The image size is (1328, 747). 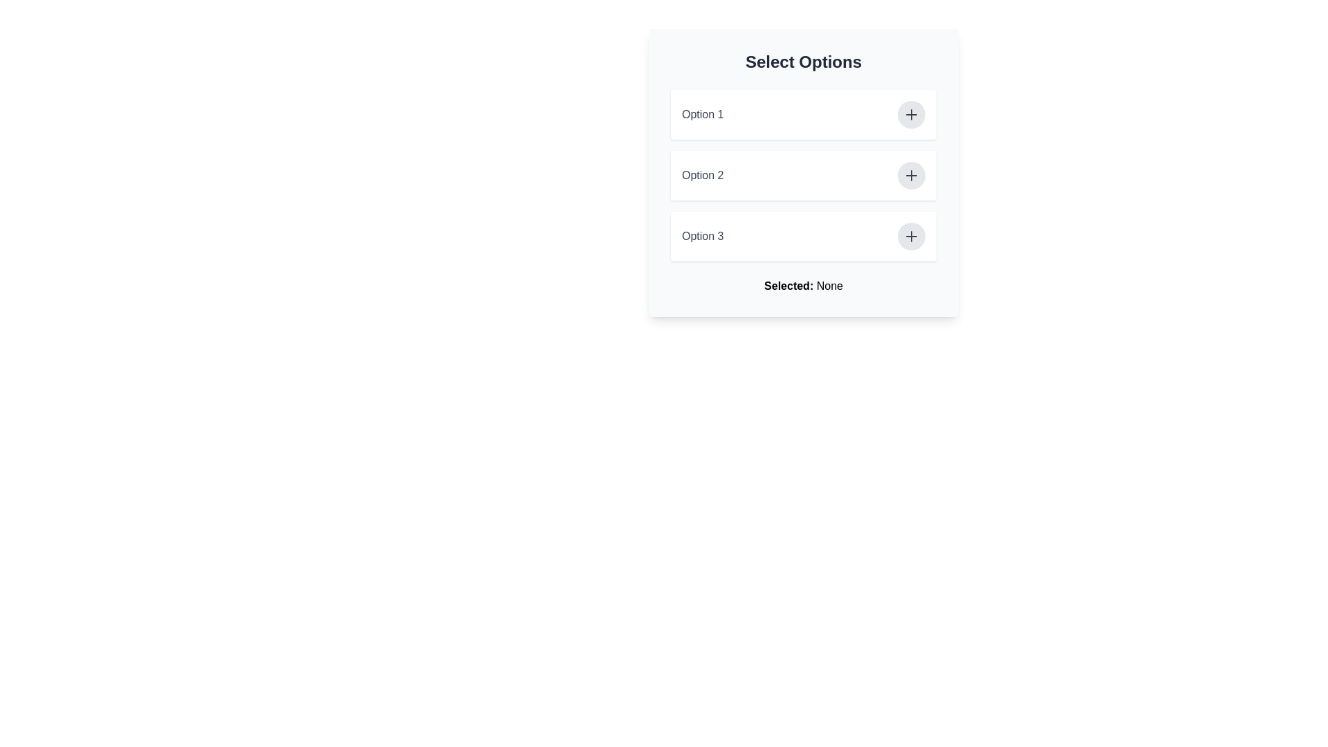 What do you see at coordinates (803, 236) in the screenshot?
I see `the third List Item with Interactive Button labeled 'Option 3'` at bounding box center [803, 236].